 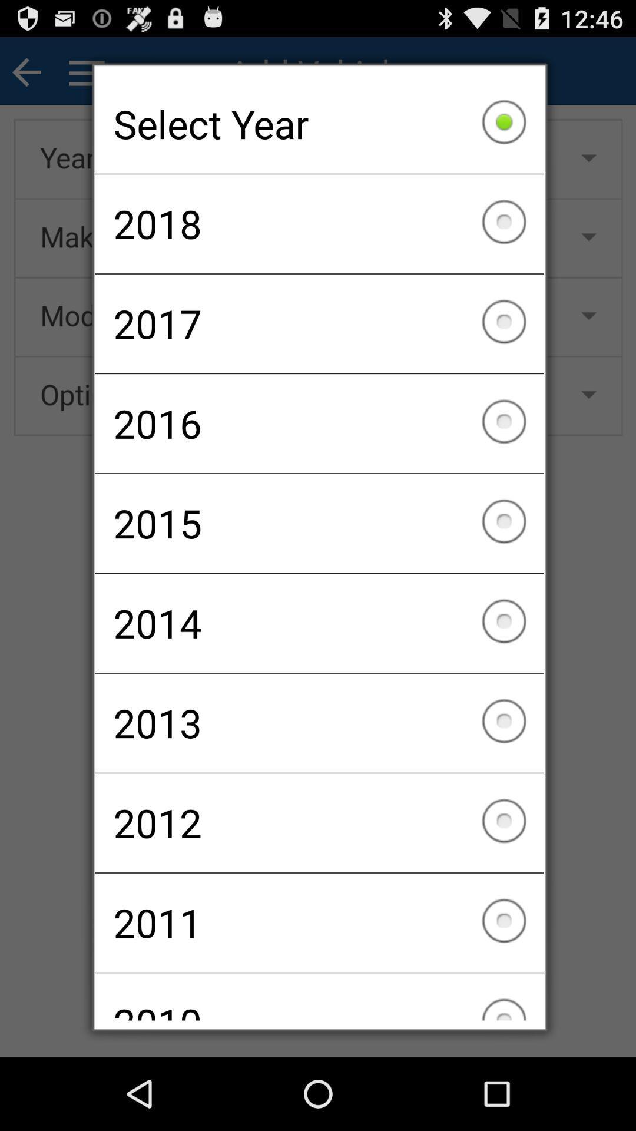 What do you see at coordinates (319, 424) in the screenshot?
I see `checkbox below 2017 item` at bounding box center [319, 424].